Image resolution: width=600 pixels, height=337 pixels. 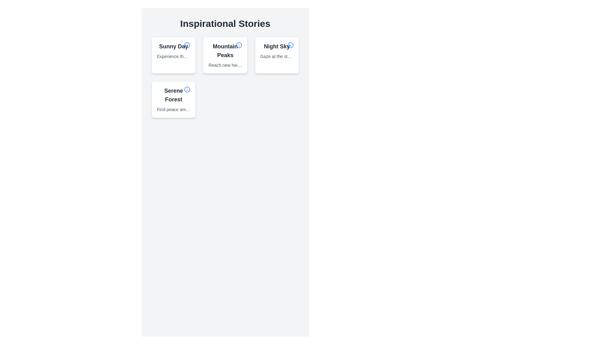 What do you see at coordinates (290, 45) in the screenshot?
I see `the outer circular boundary of the 'info' icon in the 'Night Sky' card located at the top-right corner among the group of cards under 'Inspirational Stories'` at bounding box center [290, 45].